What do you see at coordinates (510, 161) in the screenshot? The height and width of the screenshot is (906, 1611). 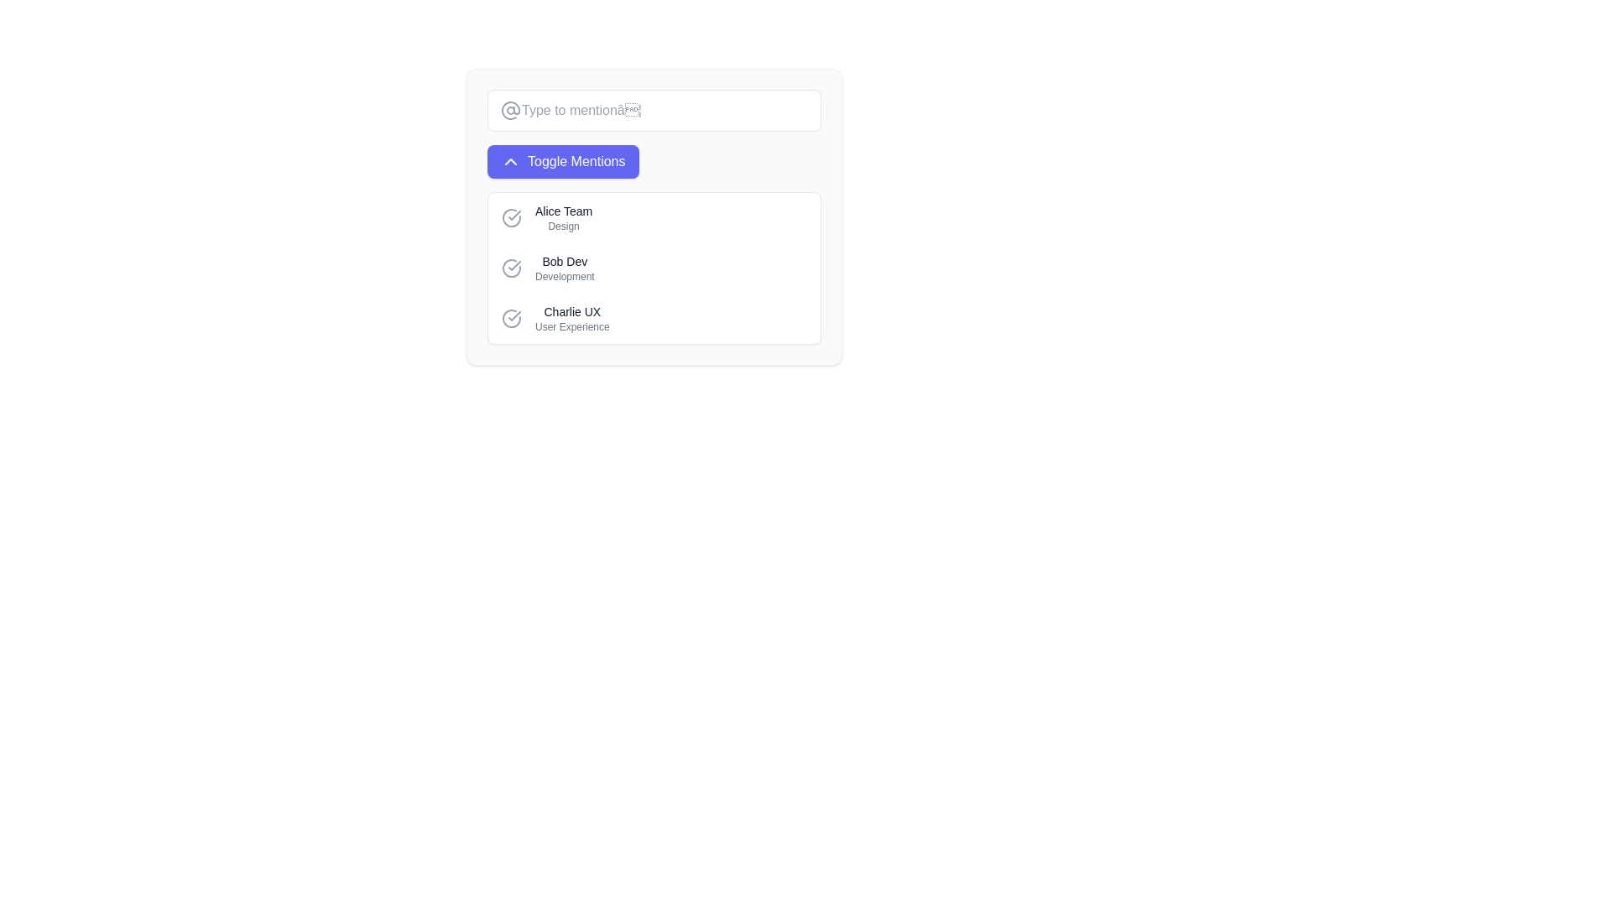 I see `the upward-pointing chevron icon on the left side of the 'Toggle Mentions' button` at bounding box center [510, 161].